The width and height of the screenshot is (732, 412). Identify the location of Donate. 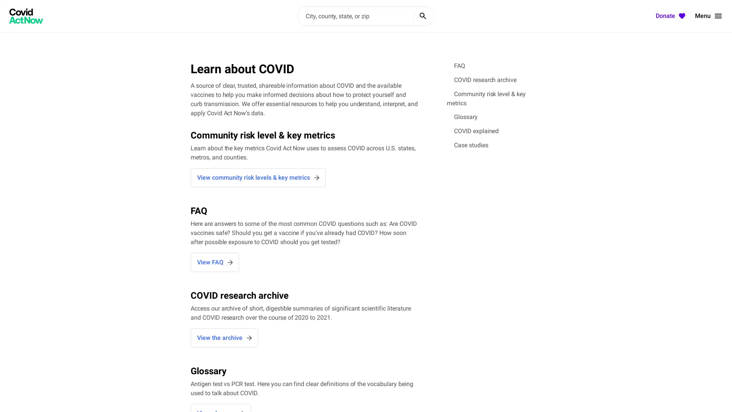
(671, 16).